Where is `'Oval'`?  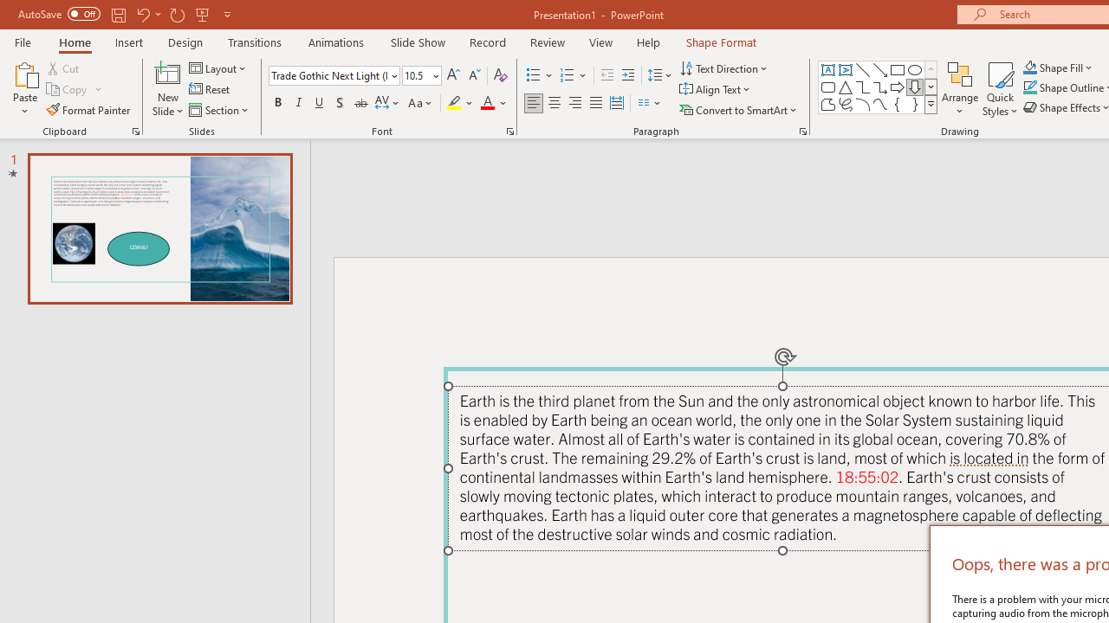 'Oval' is located at coordinates (914, 69).